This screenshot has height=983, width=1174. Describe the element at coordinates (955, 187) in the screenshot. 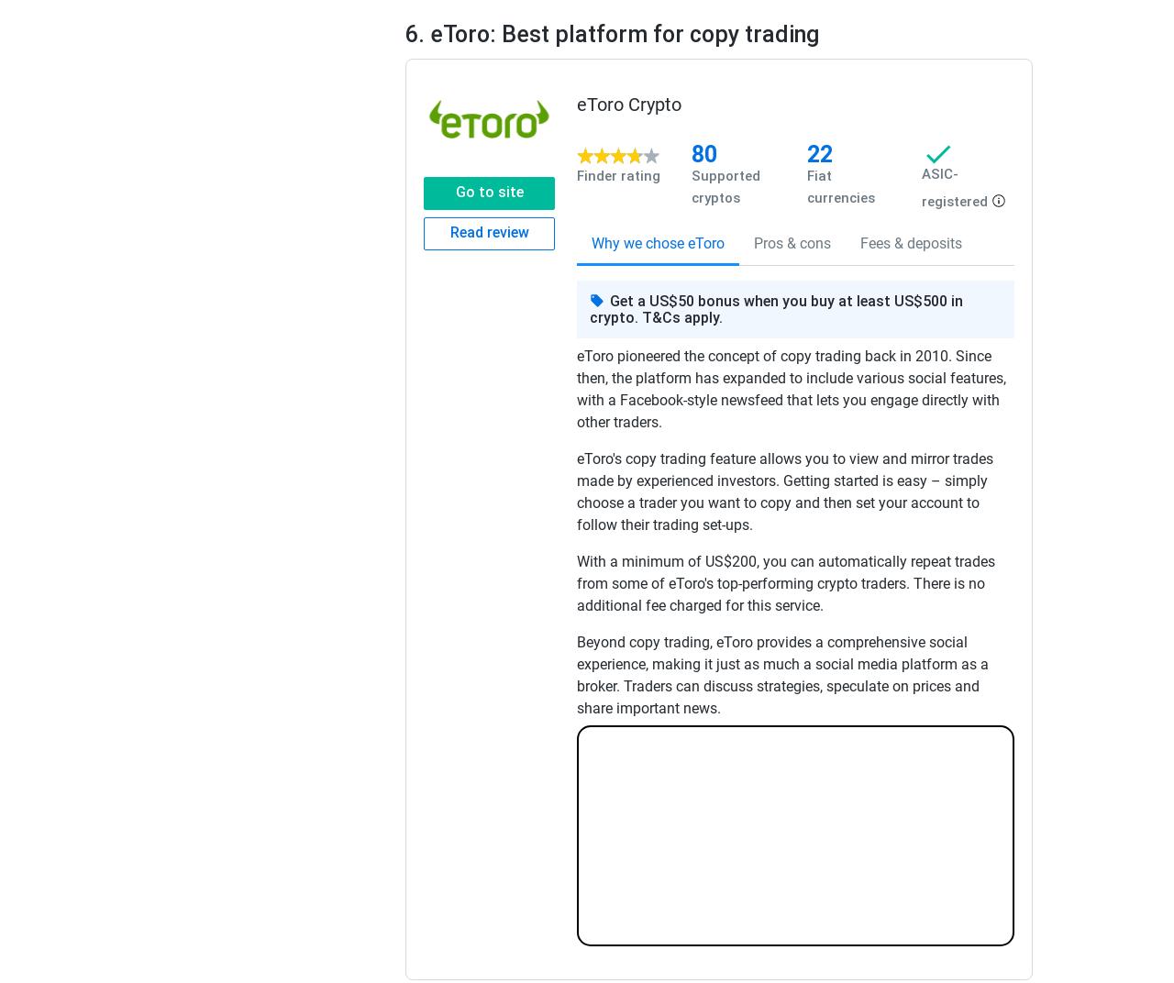

I see `'ASIC-registered'` at that location.